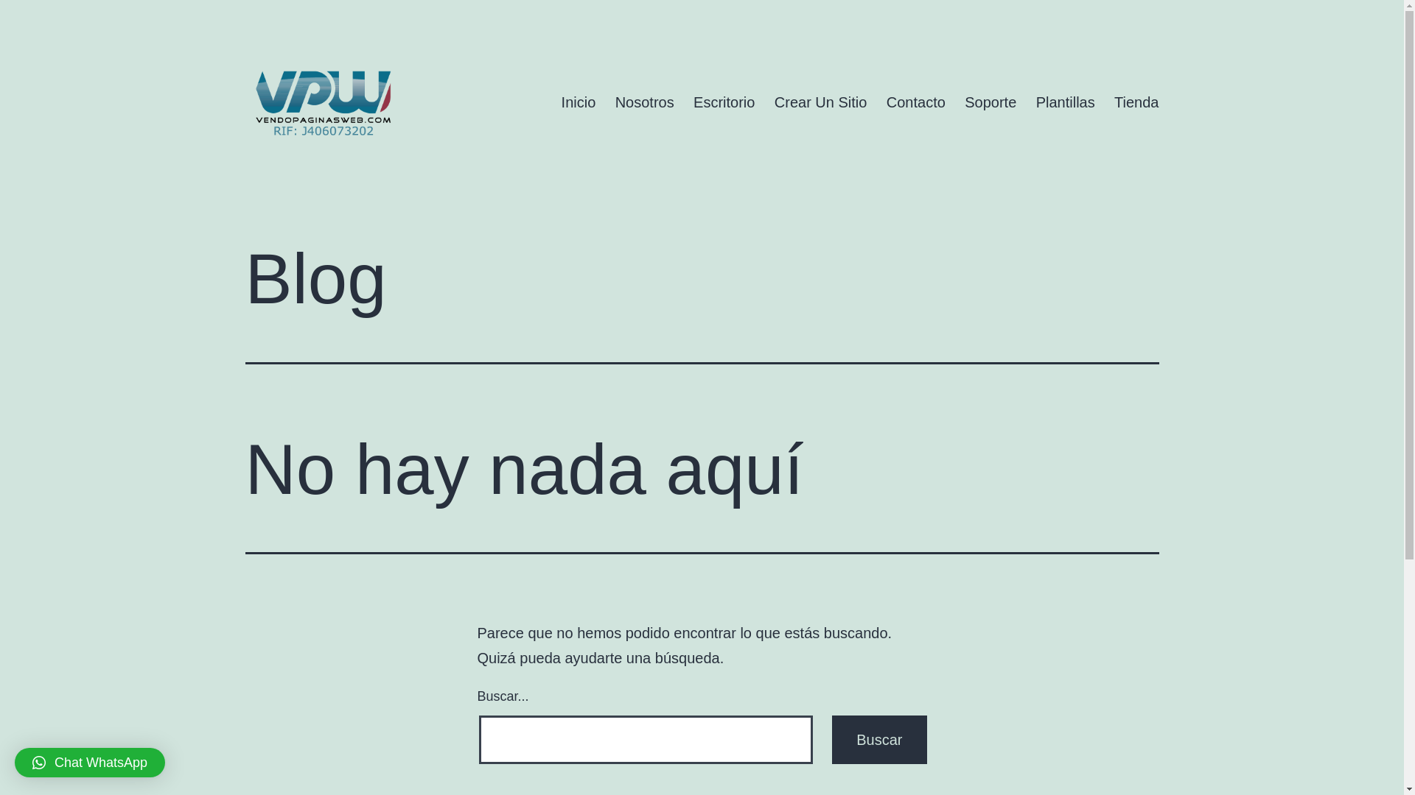 Image resolution: width=1415 pixels, height=795 pixels. Describe the element at coordinates (1136, 101) in the screenshot. I see `'Tienda'` at that location.